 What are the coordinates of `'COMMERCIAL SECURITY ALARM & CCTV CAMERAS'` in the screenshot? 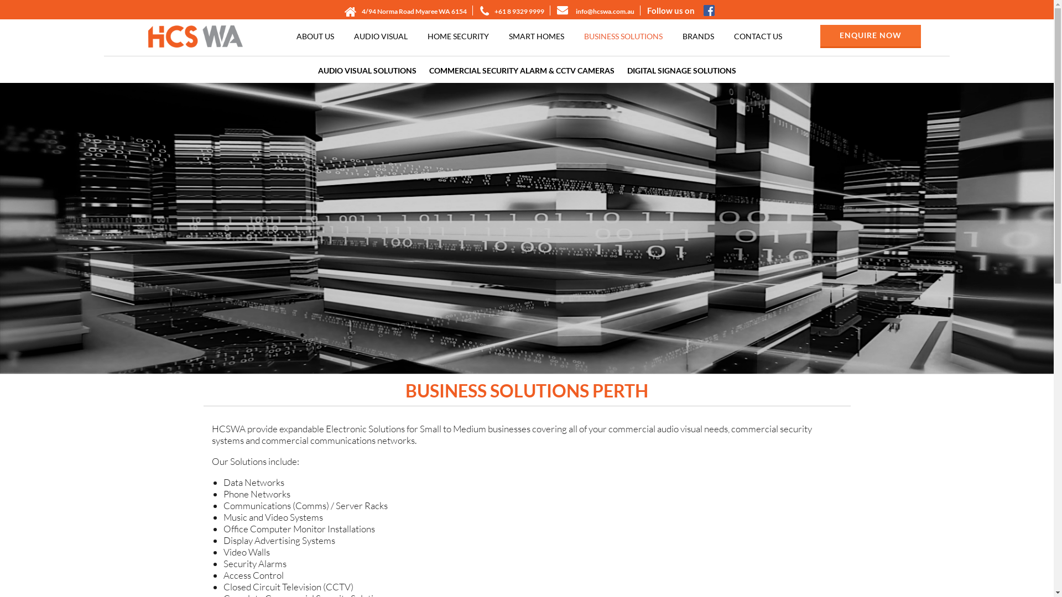 It's located at (521, 70).